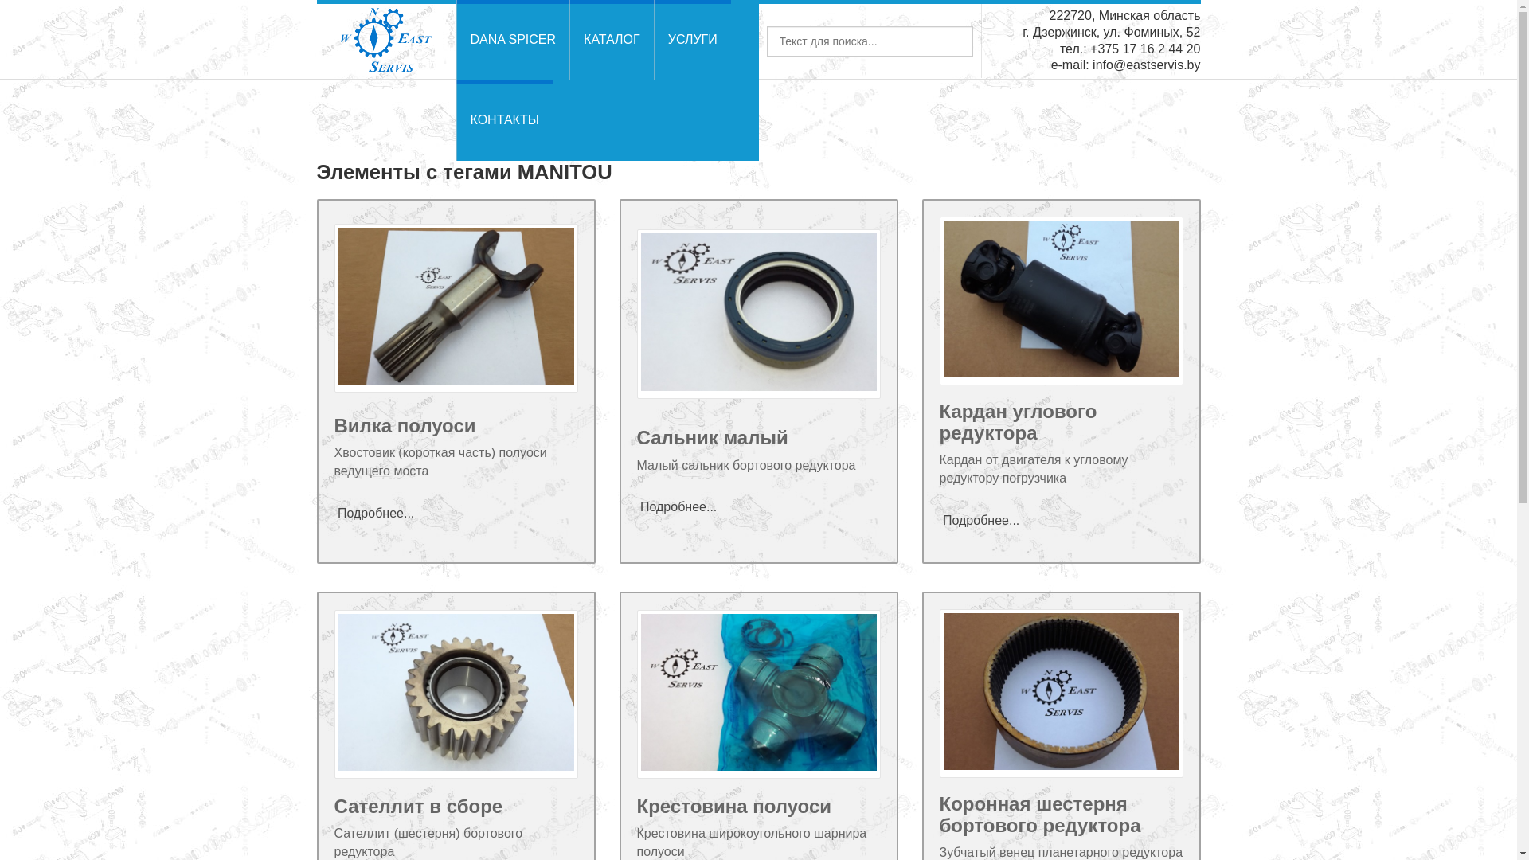 This screenshot has width=1529, height=860. What do you see at coordinates (512, 39) in the screenshot?
I see `'DANA SPICER'` at bounding box center [512, 39].